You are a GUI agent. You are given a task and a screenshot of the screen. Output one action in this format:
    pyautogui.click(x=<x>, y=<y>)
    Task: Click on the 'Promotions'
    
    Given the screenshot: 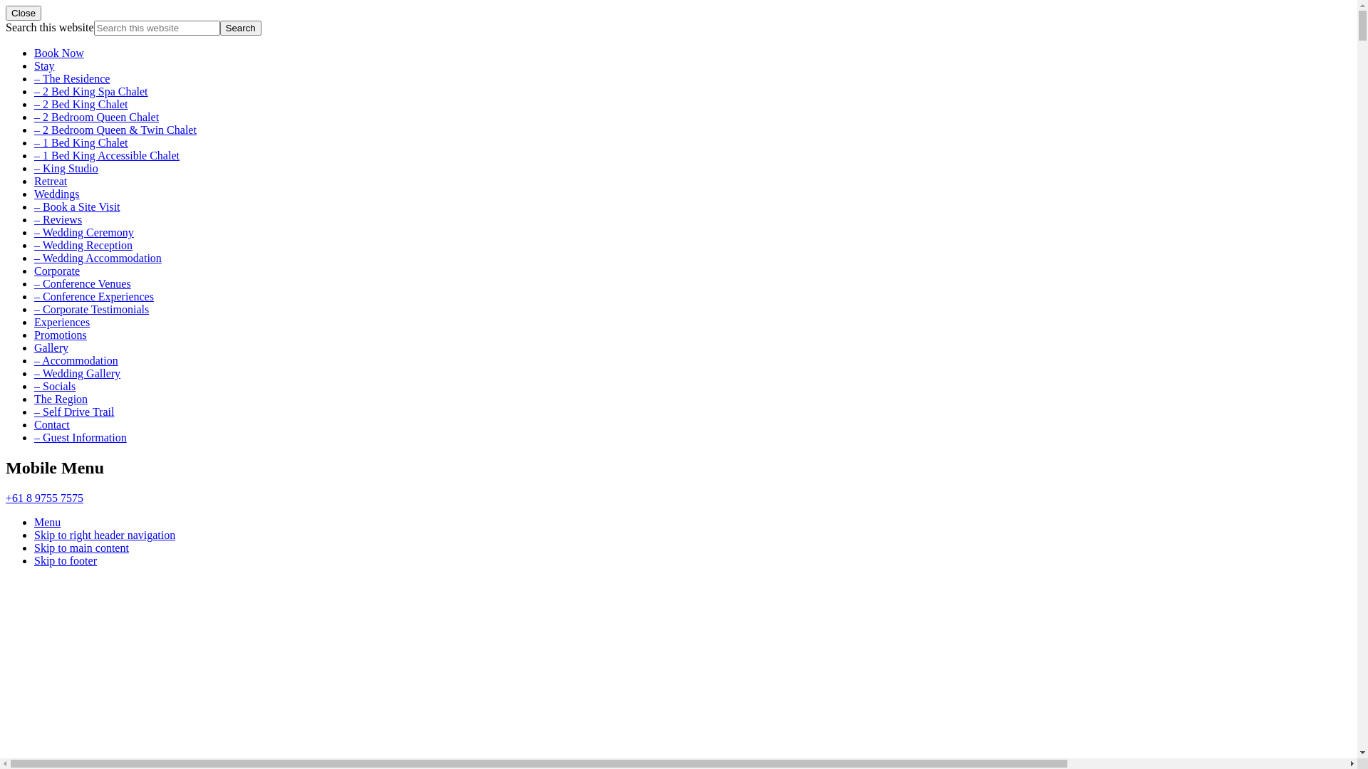 What is the action you would take?
    pyautogui.click(x=34, y=335)
    